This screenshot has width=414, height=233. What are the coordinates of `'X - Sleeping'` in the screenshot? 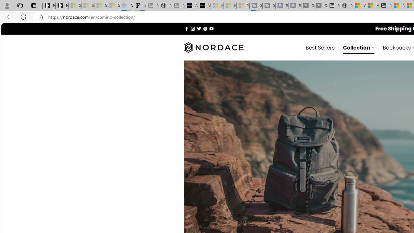 It's located at (321, 6).